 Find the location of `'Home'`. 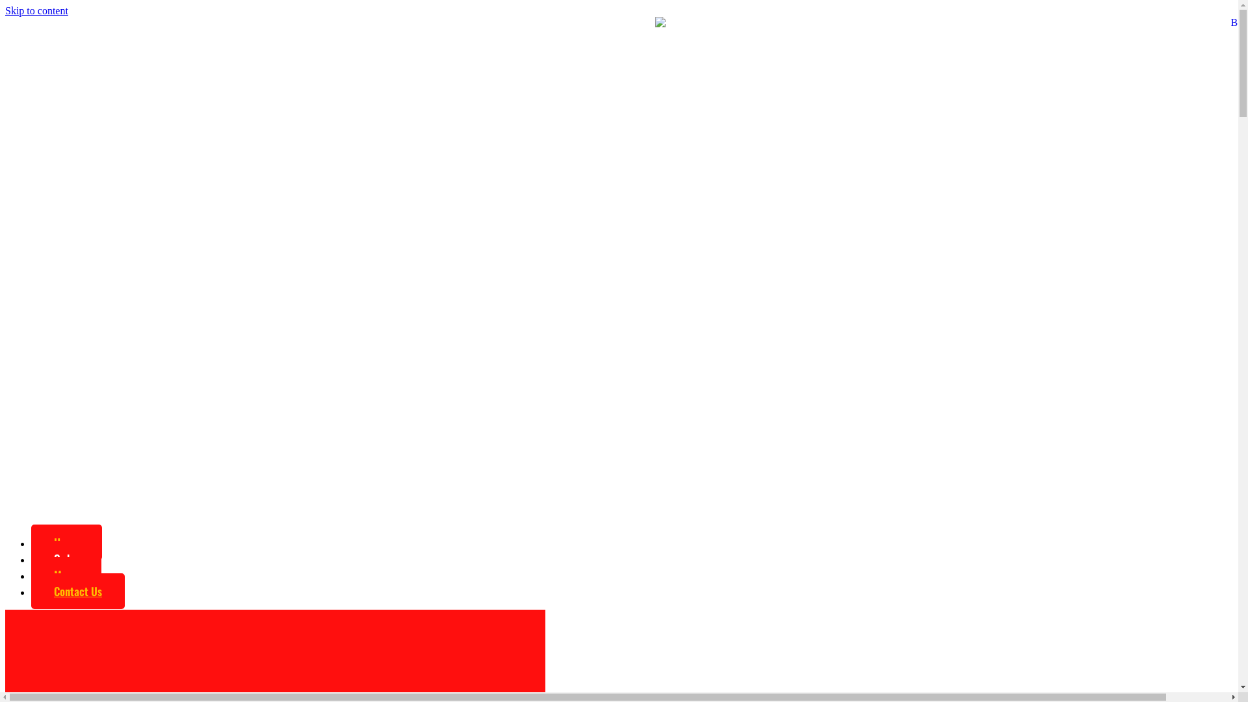

'Home' is located at coordinates (66, 542).